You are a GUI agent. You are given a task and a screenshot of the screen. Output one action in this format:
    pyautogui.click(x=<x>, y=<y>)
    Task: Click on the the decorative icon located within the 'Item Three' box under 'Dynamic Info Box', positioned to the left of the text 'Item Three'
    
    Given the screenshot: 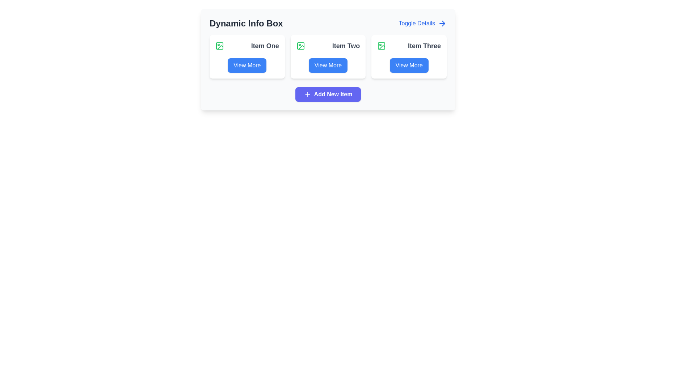 What is the action you would take?
    pyautogui.click(x=381, y=46)
    